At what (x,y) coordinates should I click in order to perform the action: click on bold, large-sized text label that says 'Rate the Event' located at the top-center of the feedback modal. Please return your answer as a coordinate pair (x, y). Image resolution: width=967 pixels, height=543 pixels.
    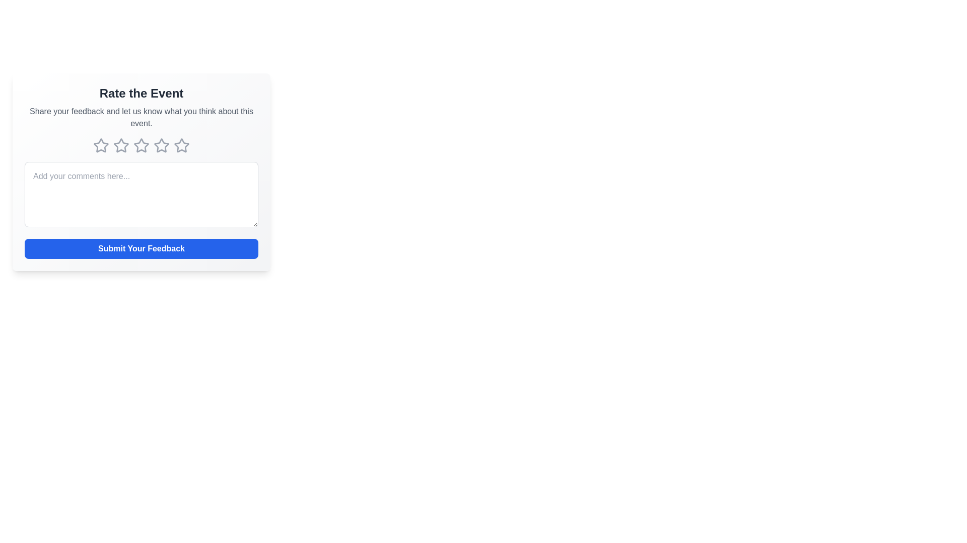
    Looking at the image, I should click on (141, 93).